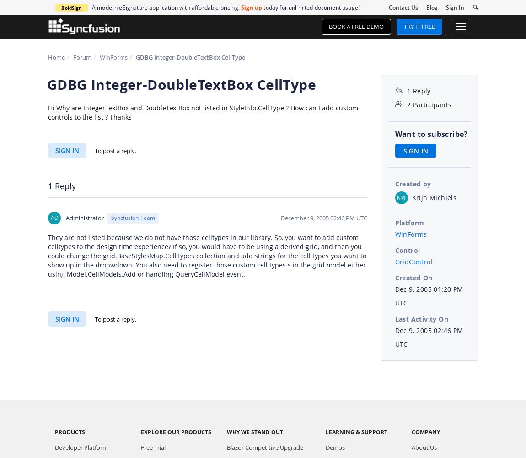 The width and height of the screenshot is (526, 458). I want to click on 'TRY IT FREE', so click(403, 27).